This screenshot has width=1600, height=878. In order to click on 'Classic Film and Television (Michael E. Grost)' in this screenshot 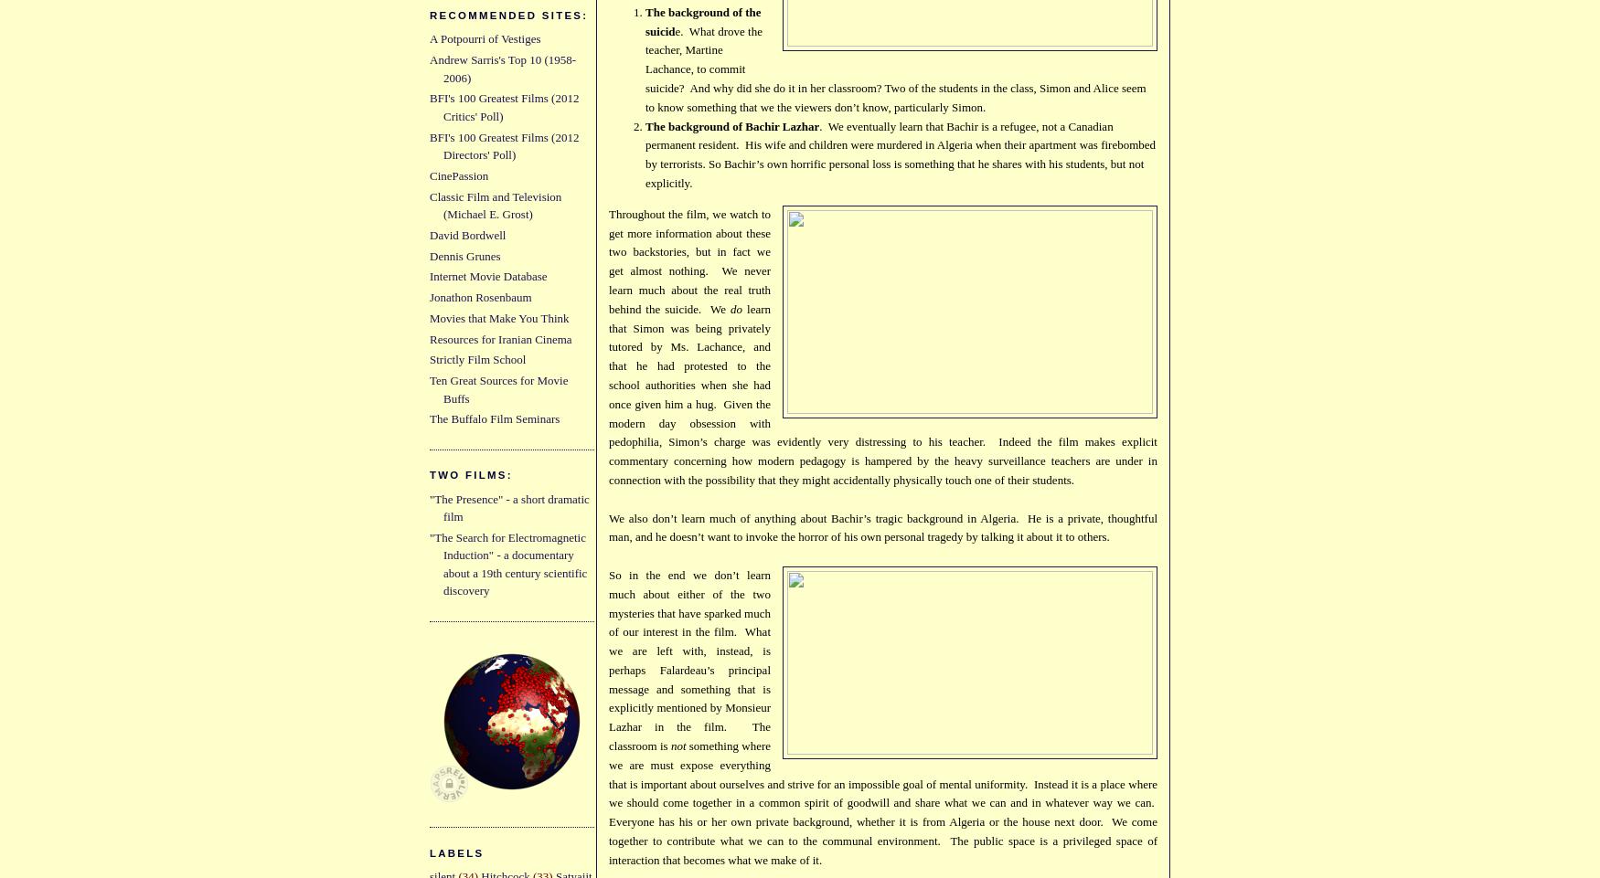, I will do `click(494, 204)`.